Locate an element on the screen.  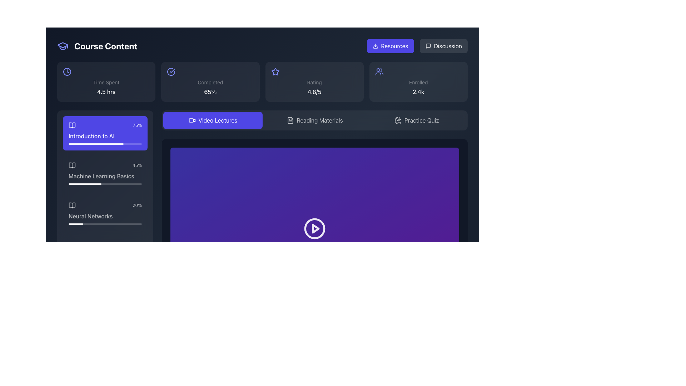
the displayed percentage on the informational card, which shows '65%' in bold white font, located in the second column of the top row of the card grid is located at coordinates (210, 81).